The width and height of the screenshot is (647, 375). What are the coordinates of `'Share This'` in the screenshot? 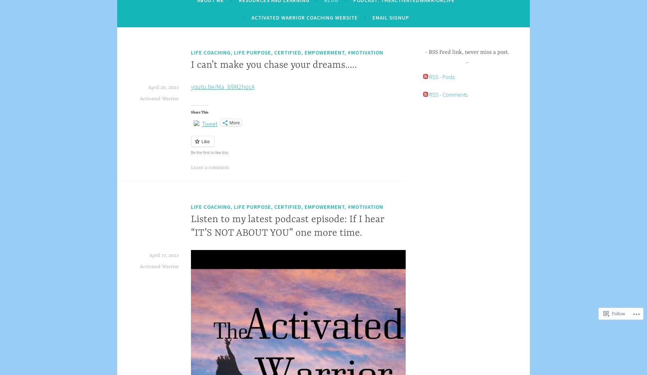 It's located at (199, 112).